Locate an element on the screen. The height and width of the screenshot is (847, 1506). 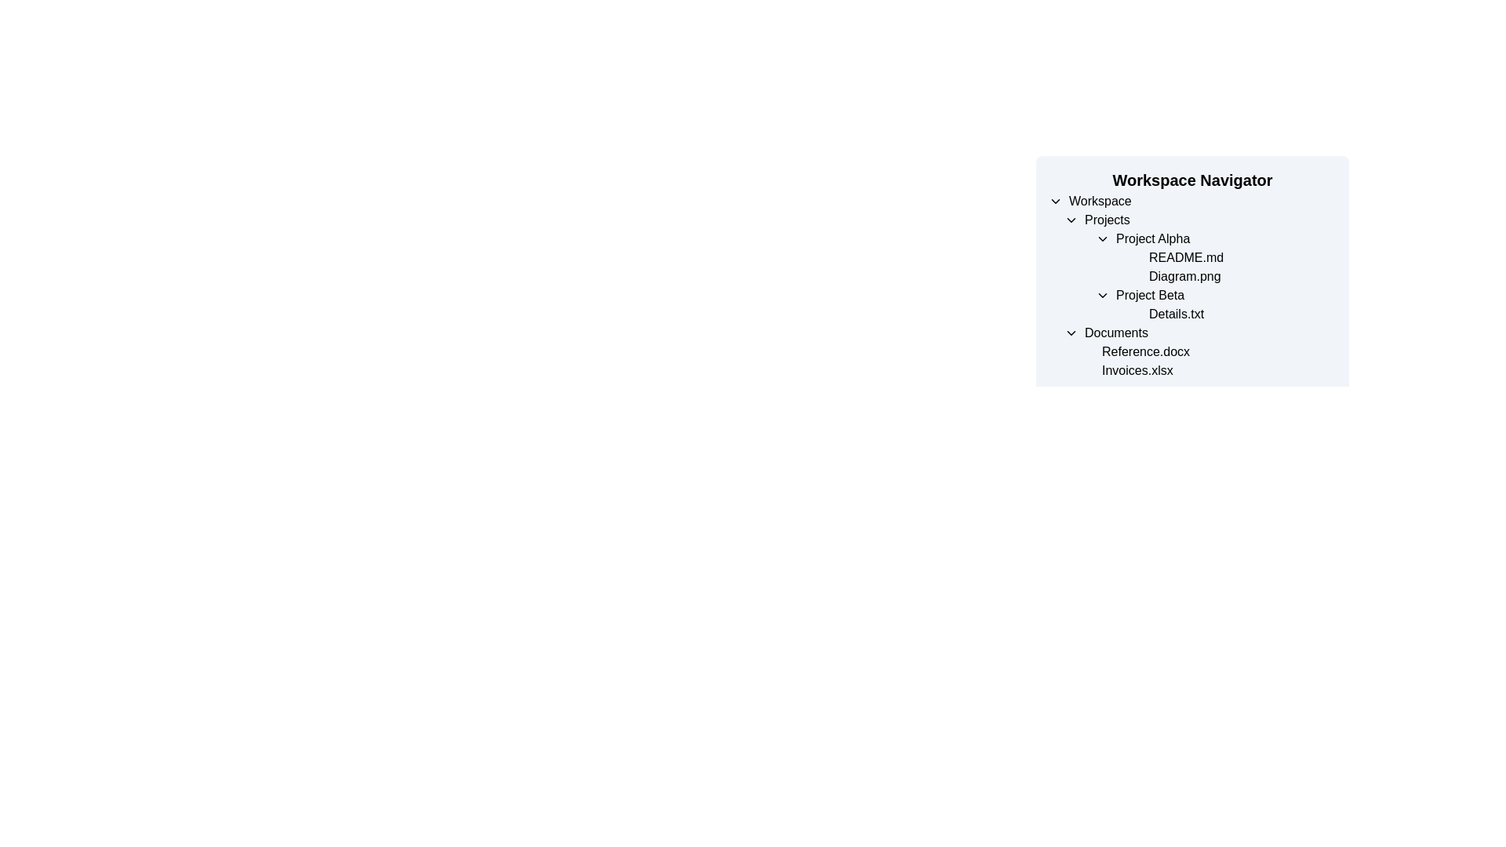
the text label representing the file named 'Details.txt' located in the 'Project Beta' folder of the 'Workspace Navigator' is located at coordinates (1176, 314).